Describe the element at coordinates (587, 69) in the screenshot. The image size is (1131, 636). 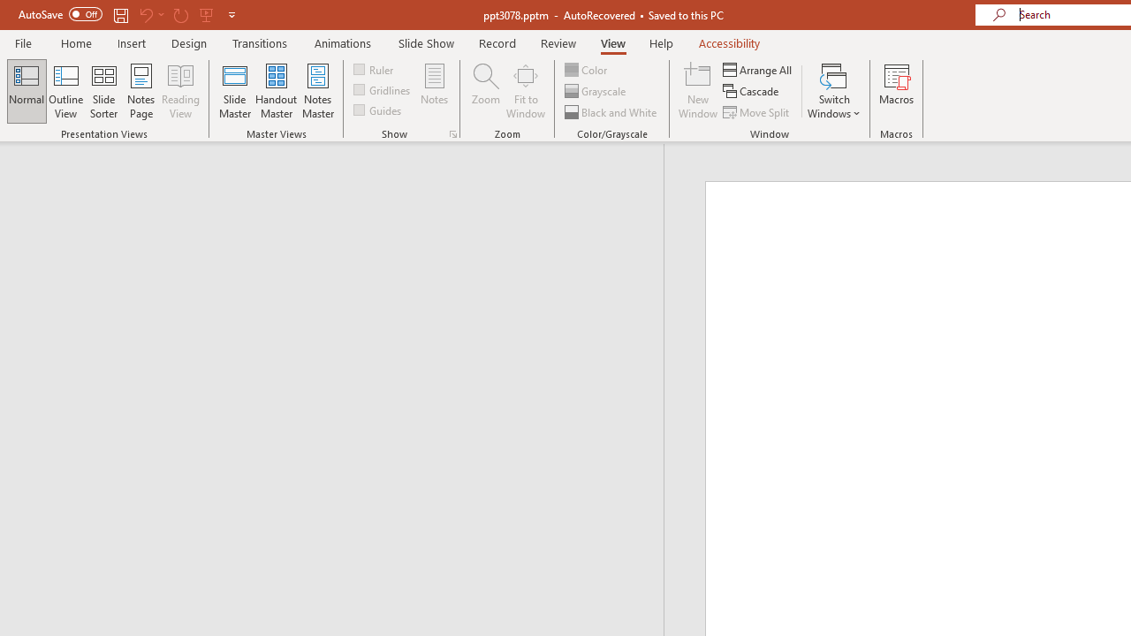
I see `'Color'` at that location.